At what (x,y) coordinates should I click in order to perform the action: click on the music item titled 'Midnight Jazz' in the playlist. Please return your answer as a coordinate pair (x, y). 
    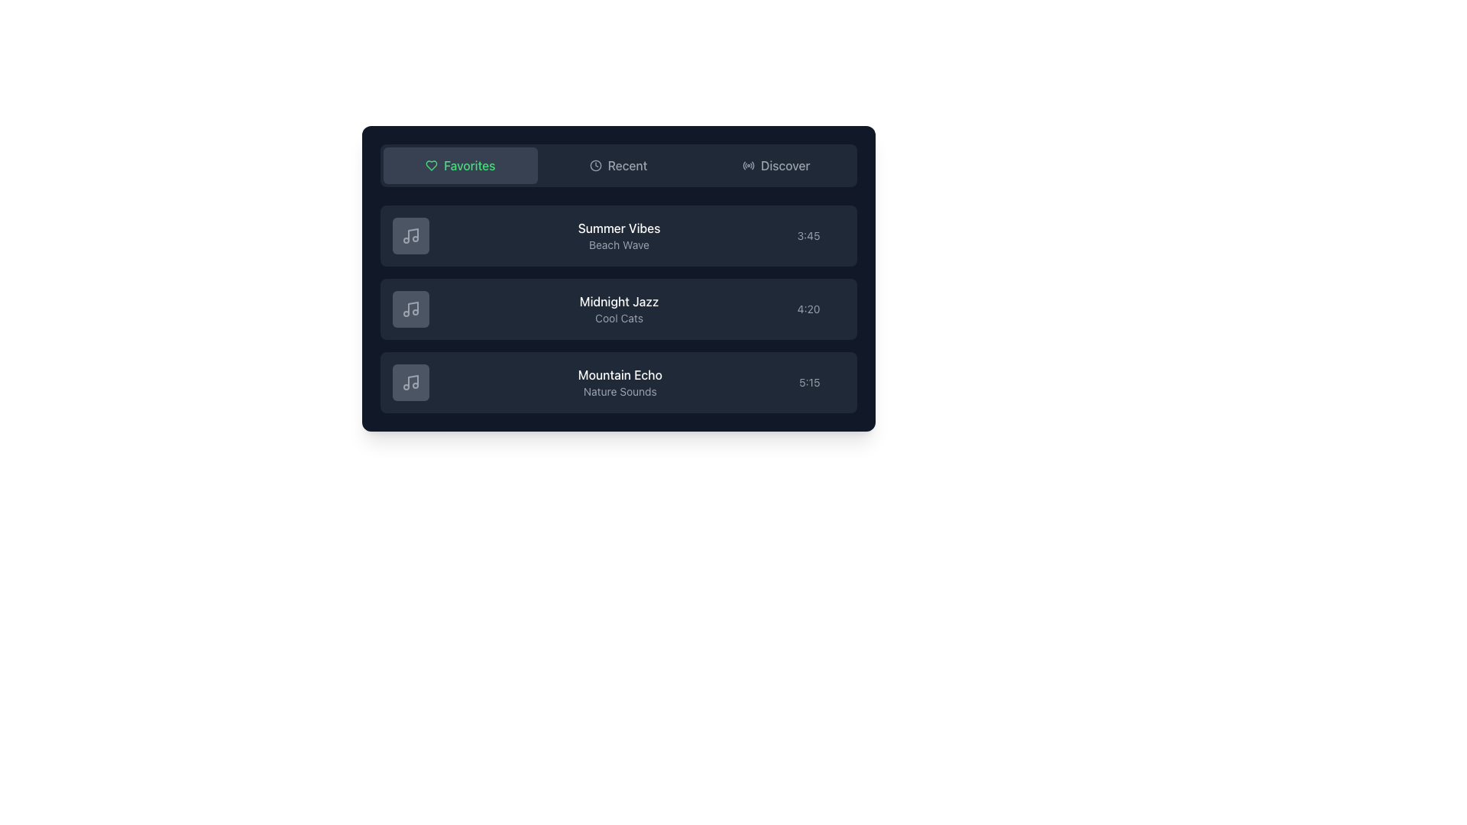
    Looking at the image, I should click on (618, 309).